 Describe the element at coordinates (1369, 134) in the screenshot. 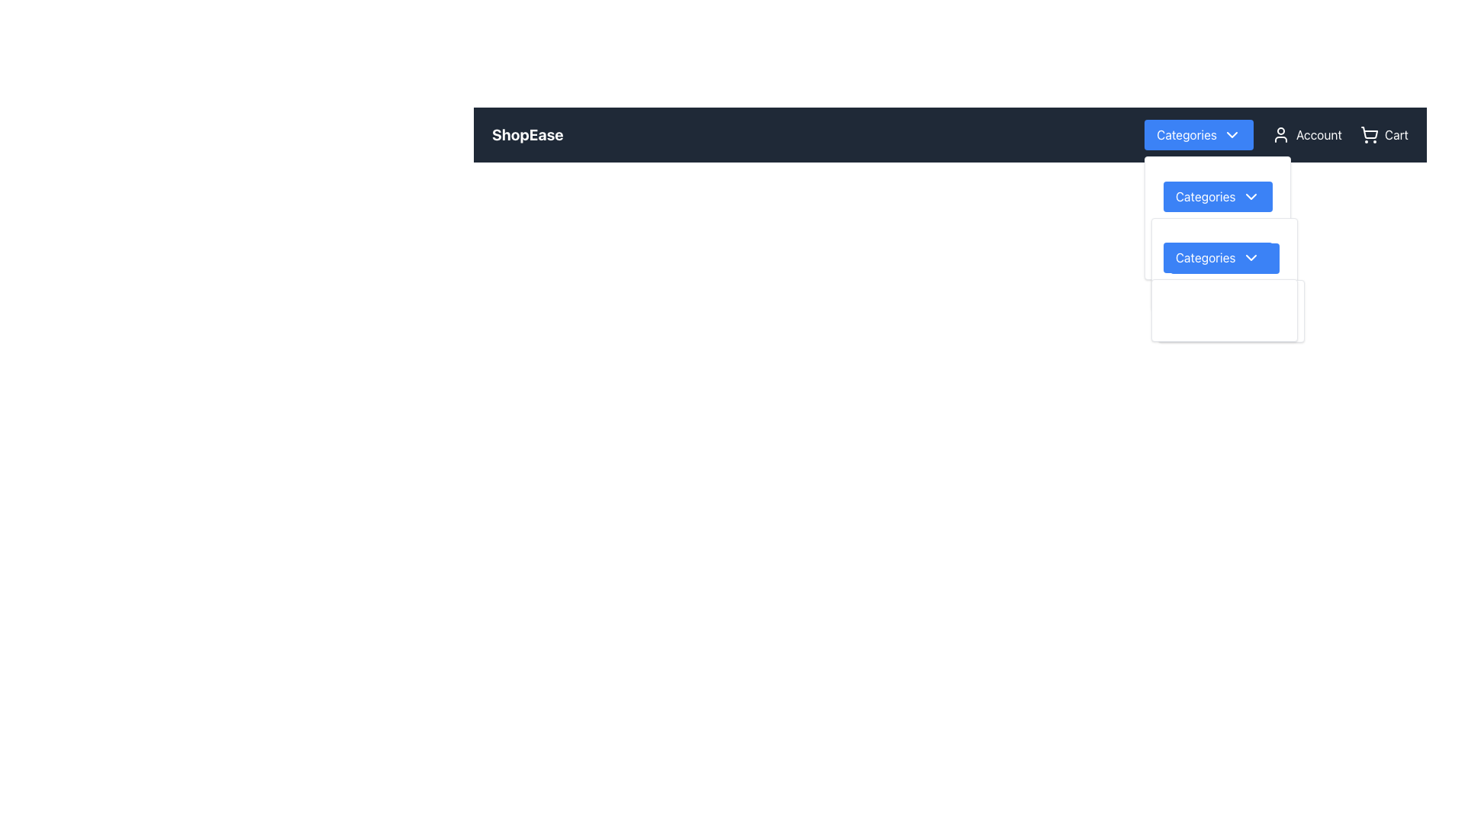

I see `the shopping cart icon located` at that location.